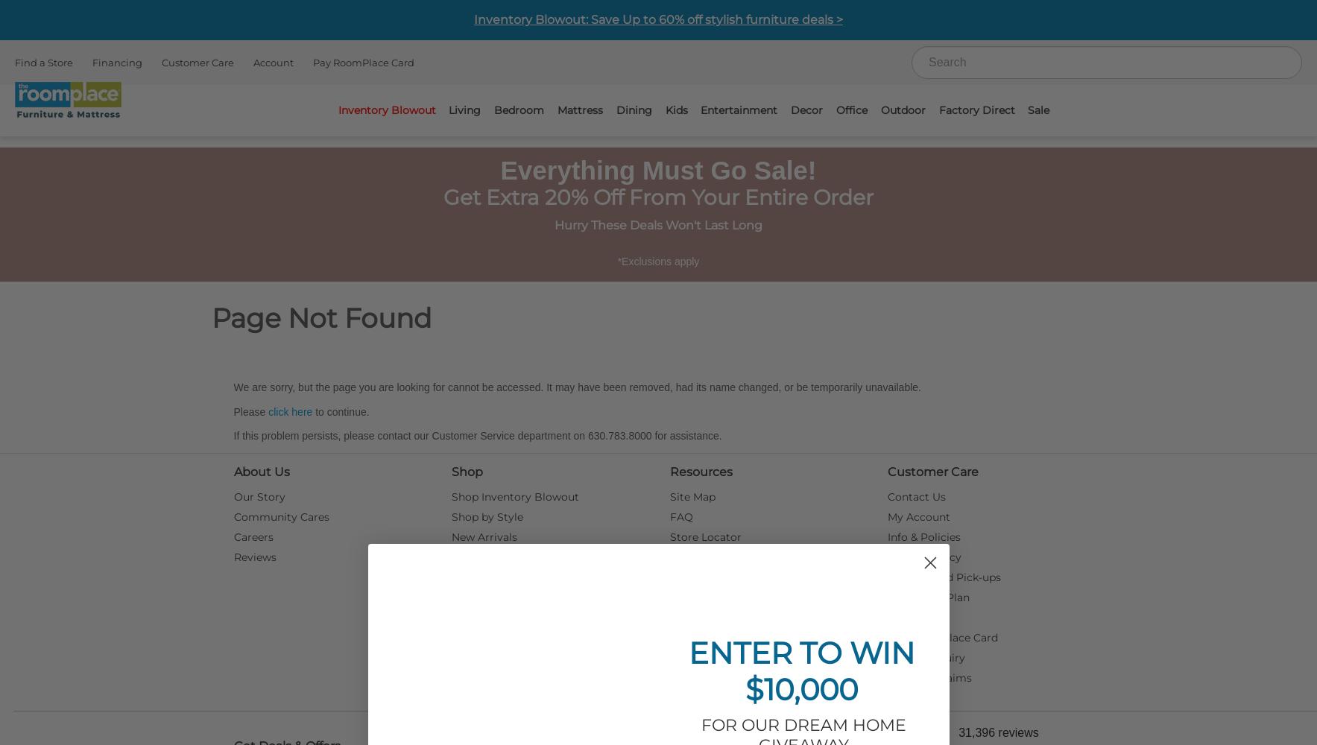 The width and height of the screenshot is (1317, 745). Describe the element at coordinates (786, 175) in the screenshot. I see `'Beds'` at that location.